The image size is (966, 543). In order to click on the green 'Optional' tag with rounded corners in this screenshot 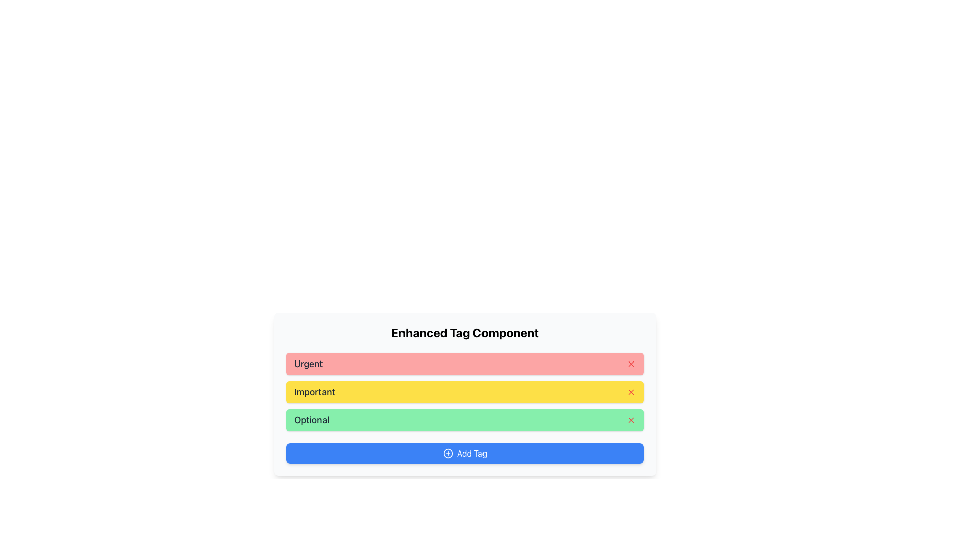, I will do `click(464, 420)`.